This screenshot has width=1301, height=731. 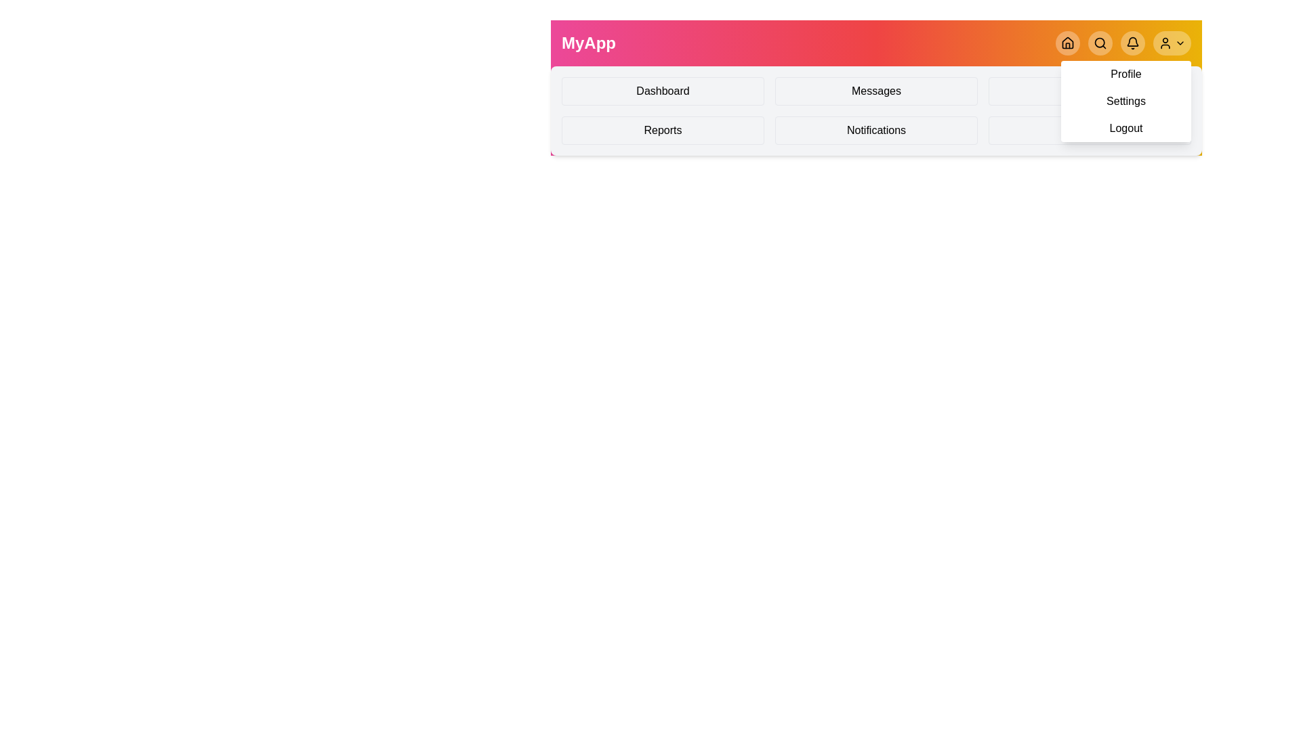 I want to click on the application title 'MyApp', so click(x=588, y=43).